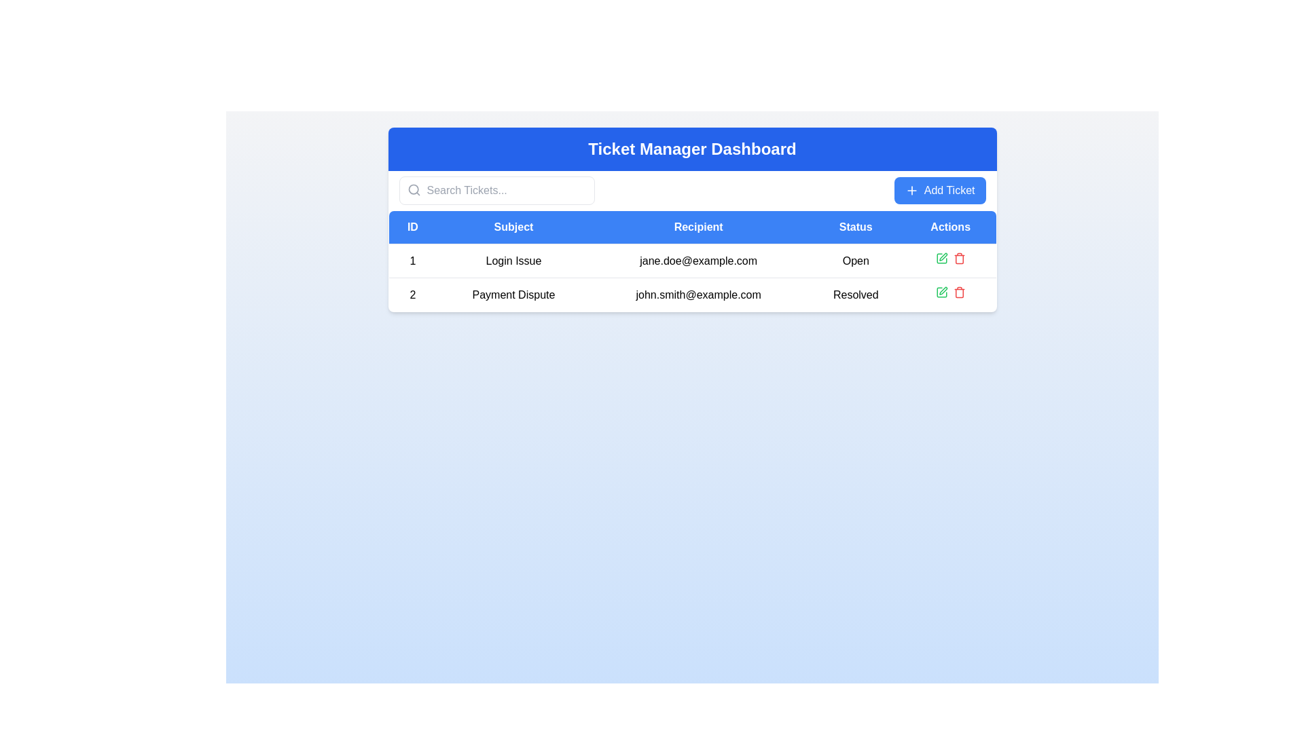  Describe the element at coordinates (911, 191) in the screenshot. I see `the SVG Icon indicating an addition action, located to the left of the 'Add Ticket' text inside the blue rectangular button at the top-right corner of the interface` at that location.